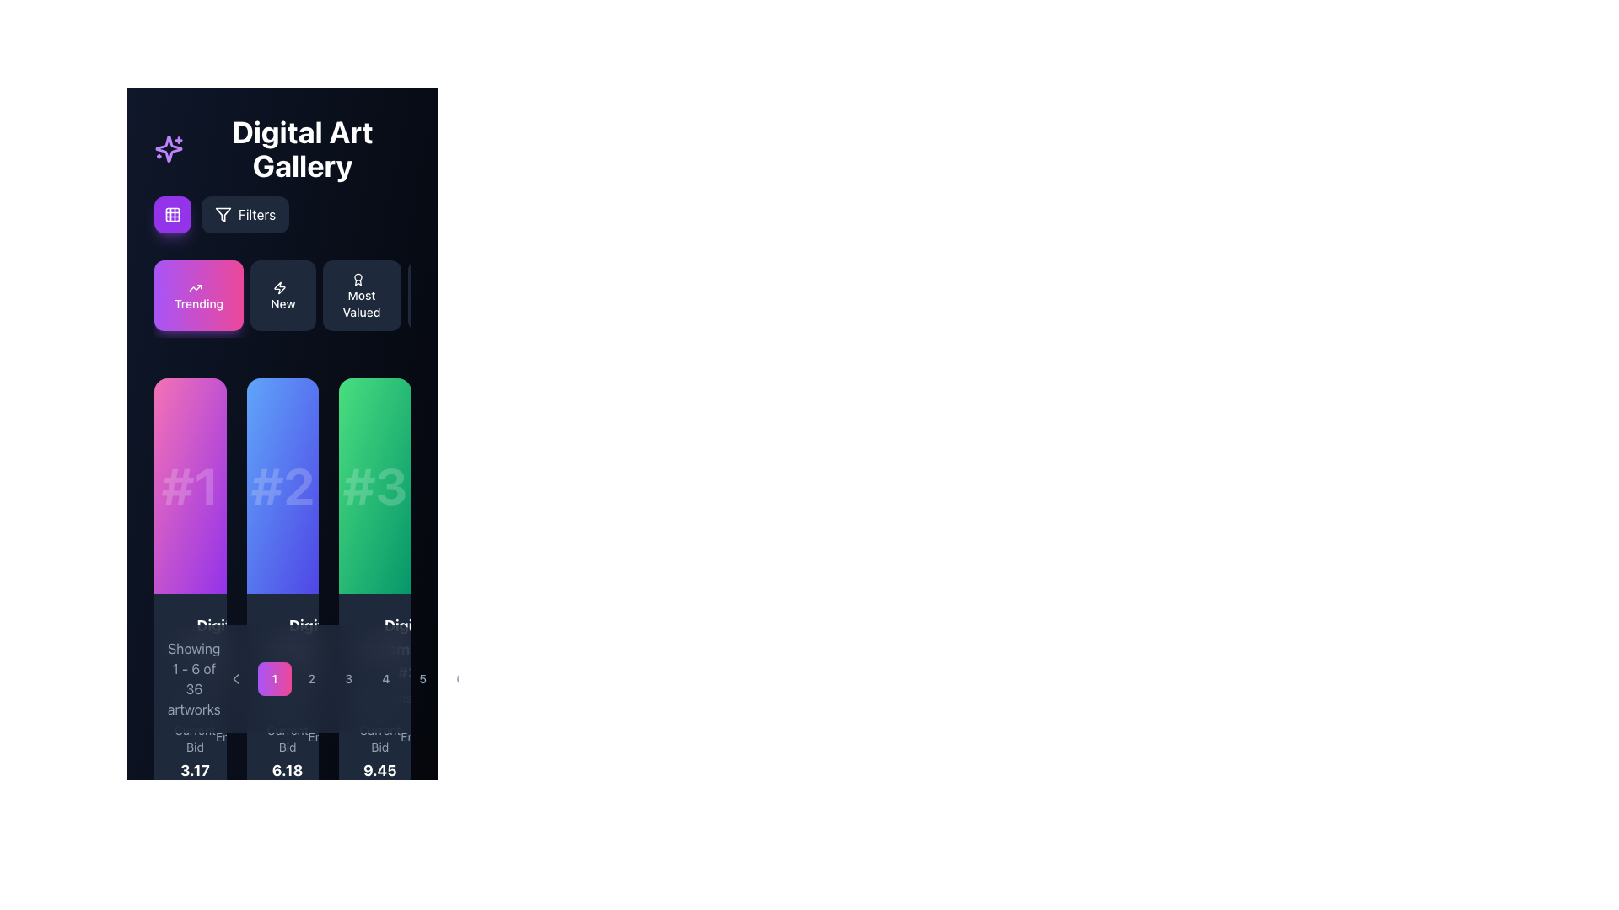 This screenshot has width=1619, height=910. Describe the element at coordinates (385, 678) in the screenshot. I see `the circular button labeled '4'` at that location.